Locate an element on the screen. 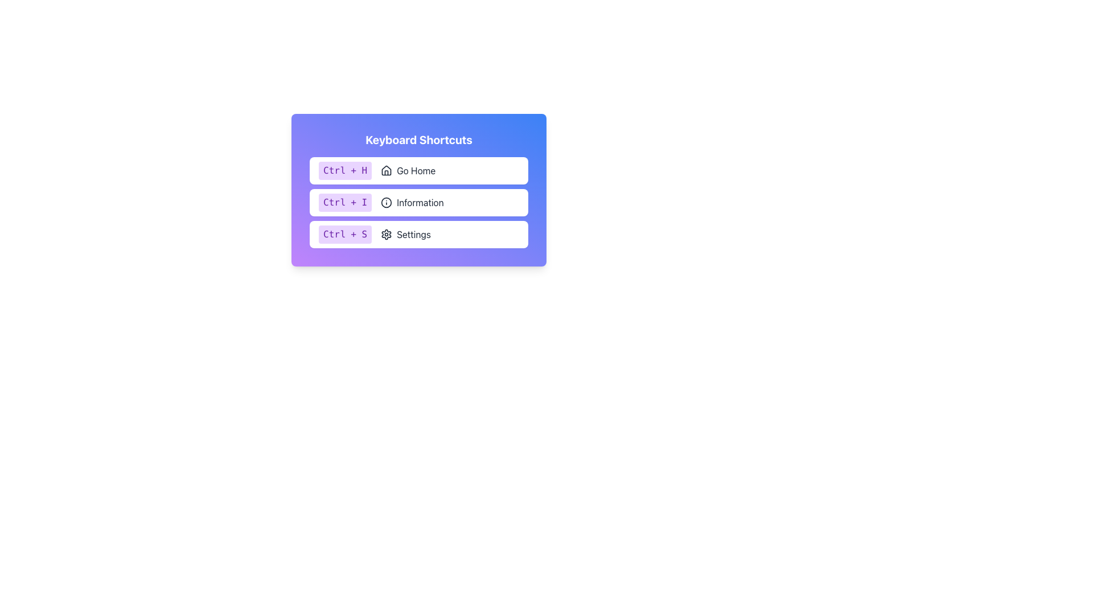 The height and width of the screenshot is (615, 1093). the 'Settings' label with a gear icon, which is positioned to the right of the 'Ctrl + S' label and aligned horizontally with it is located at coordinates (406, 234).